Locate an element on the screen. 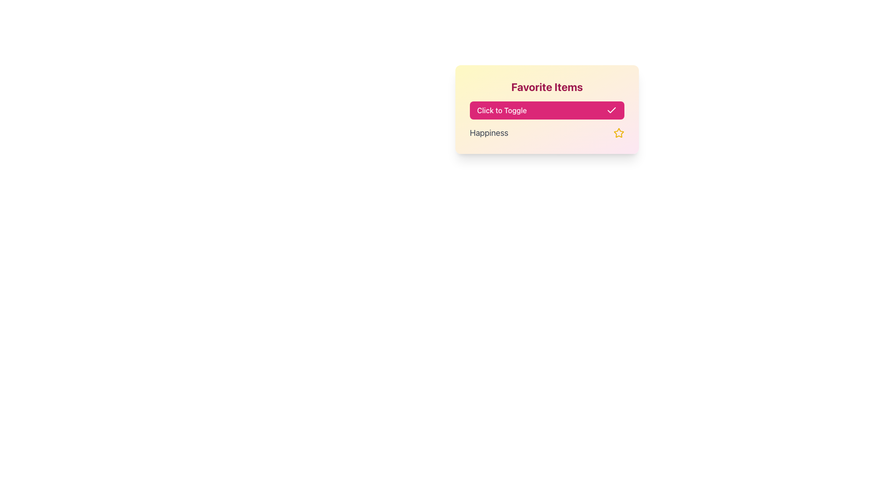  the wide rectangular button labeled 'Click to Toggle' with a pink background is located at coordinates (546, 110).